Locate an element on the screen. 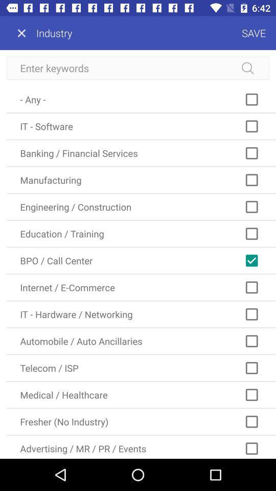  education / training icon is located at coordinates (141, 234).